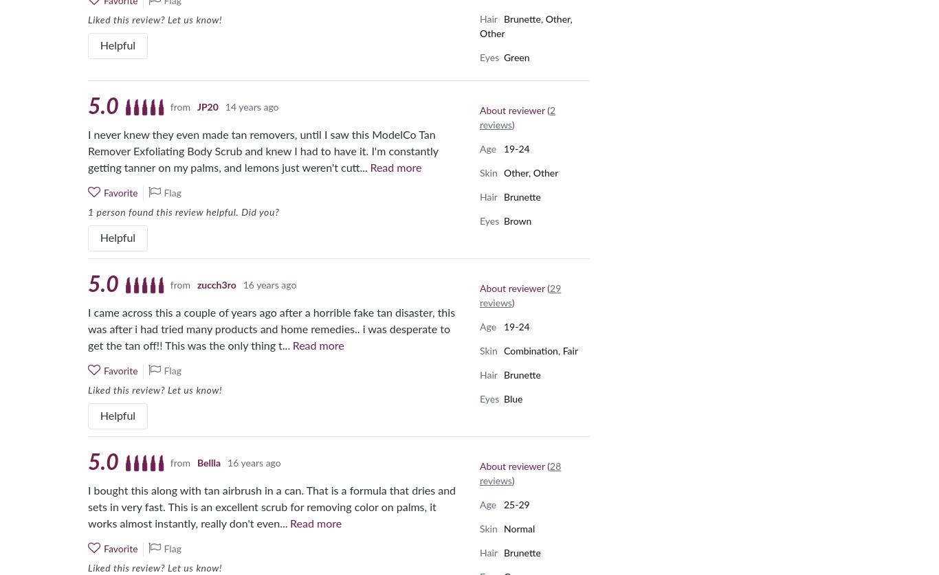 Image resolution: width=939 pixels, height=575 pixels. Describe the element at coordinates (525, 26) in the screenshot. I see `'Brunette, Other, Other'` at that location.